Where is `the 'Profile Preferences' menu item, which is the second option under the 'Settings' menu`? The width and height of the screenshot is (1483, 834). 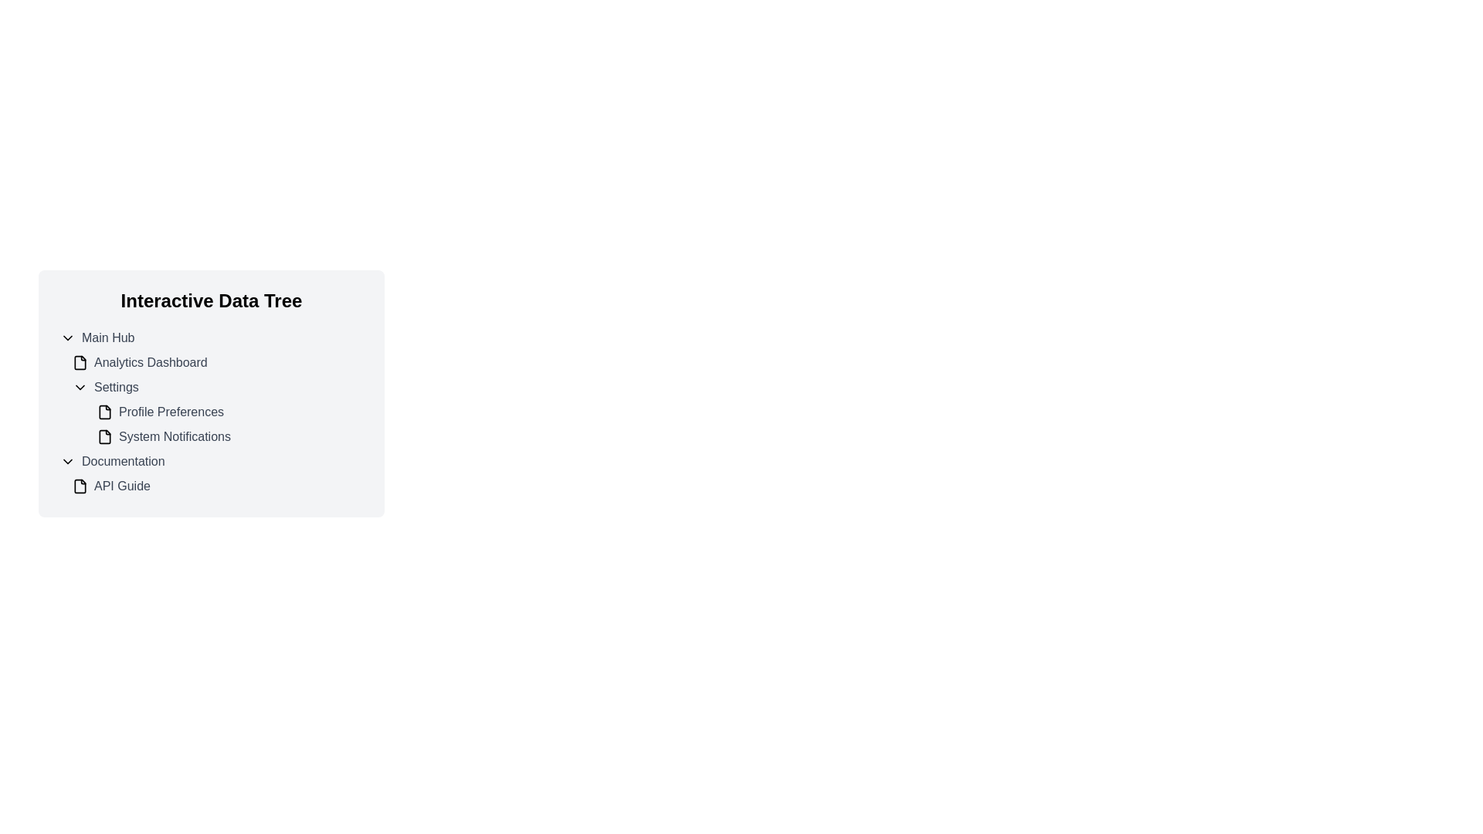
the 'Profile Preferences' menu item, which is the second option under the 'Settings' menu is located at coordinates (229, 411).